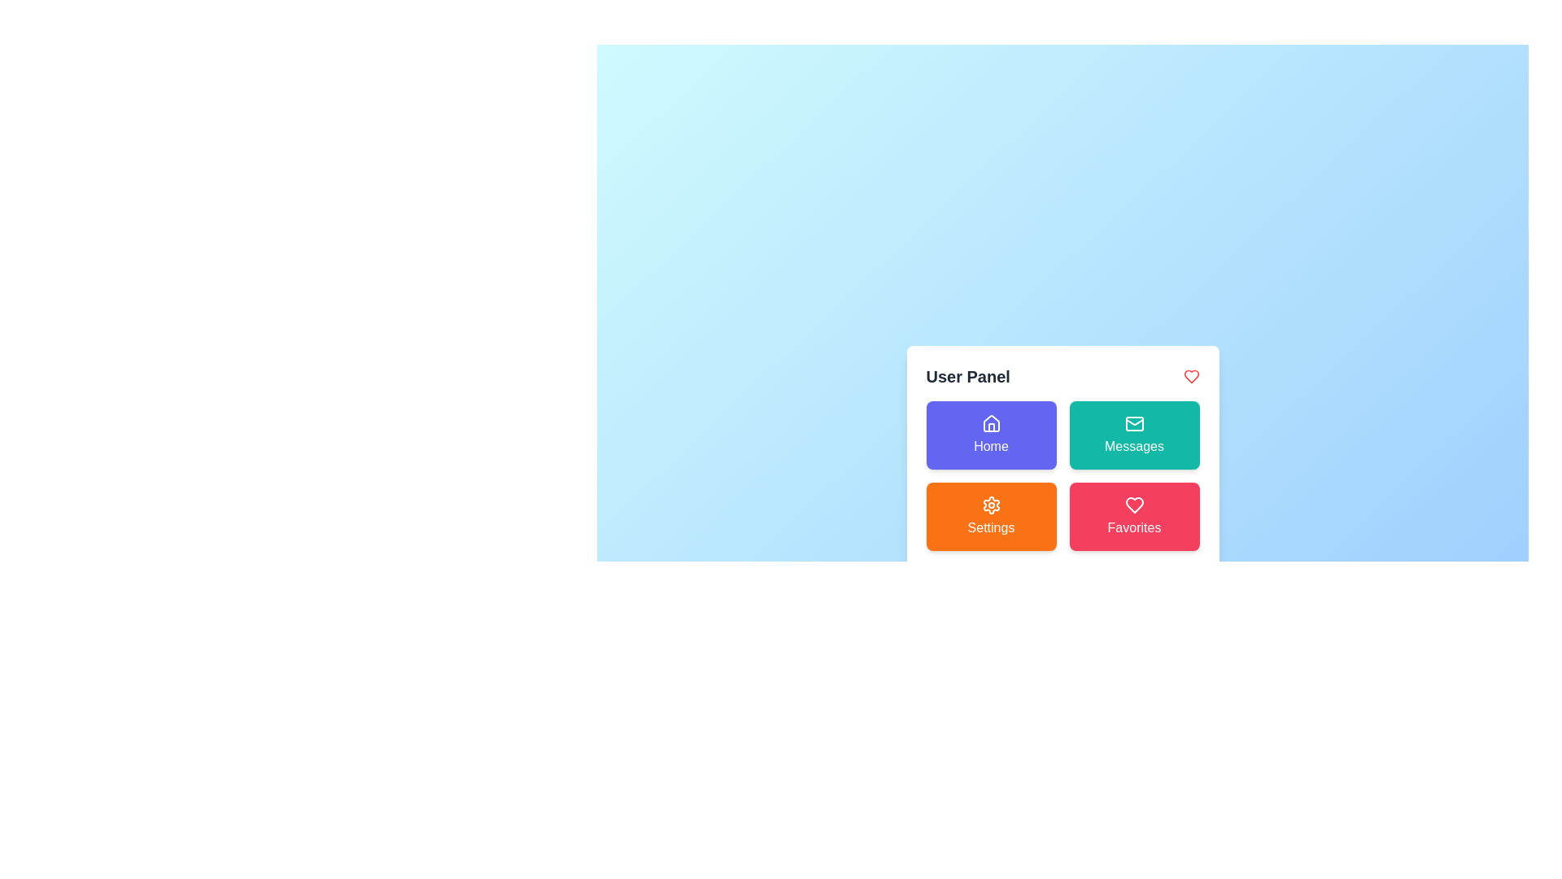 The height and width of the screenshot is (879, 1562). I want to click on the orange cogwheel icon representing the Settings button, located in the second row, first column of the option grid under the User Panel header, so click(990, 505).